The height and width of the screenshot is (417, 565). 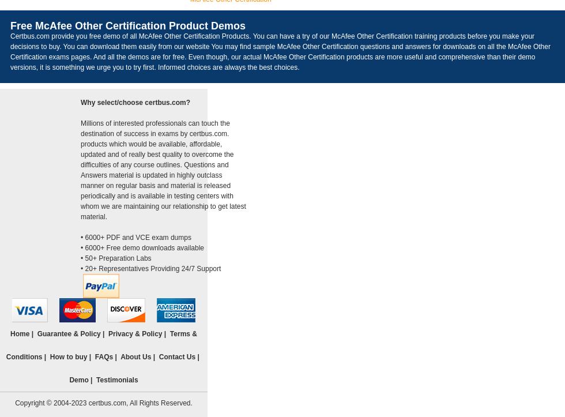 I want to click on 'Free McAfee Other Certification Product Demos', so click(x=127, y=25).